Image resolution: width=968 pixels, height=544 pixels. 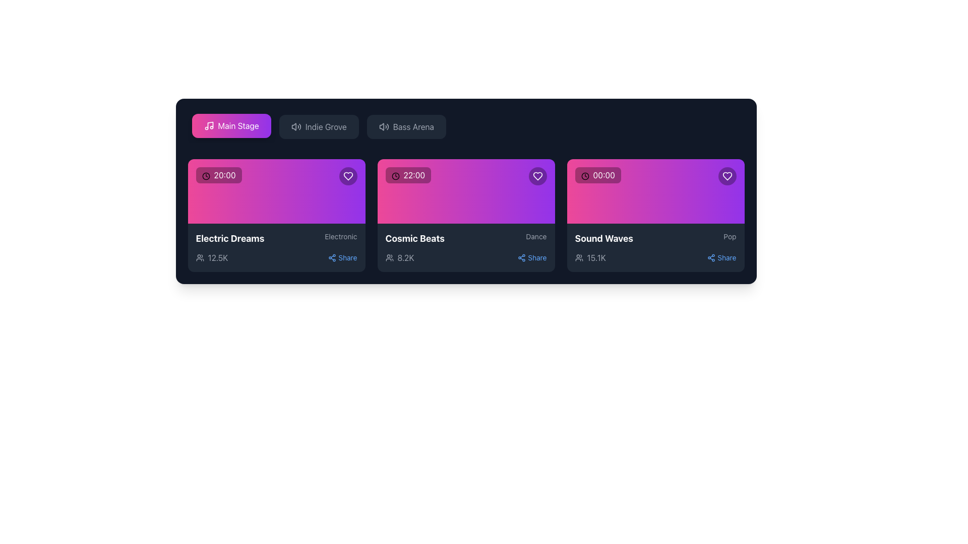 I want to click on the SVG circle element, which is a circular outline inside the 'Electric Dreams' card located at the top-left corner of the time label, styled with a minimalistic design and distinct color gradient background, so click(x=205, y=175).